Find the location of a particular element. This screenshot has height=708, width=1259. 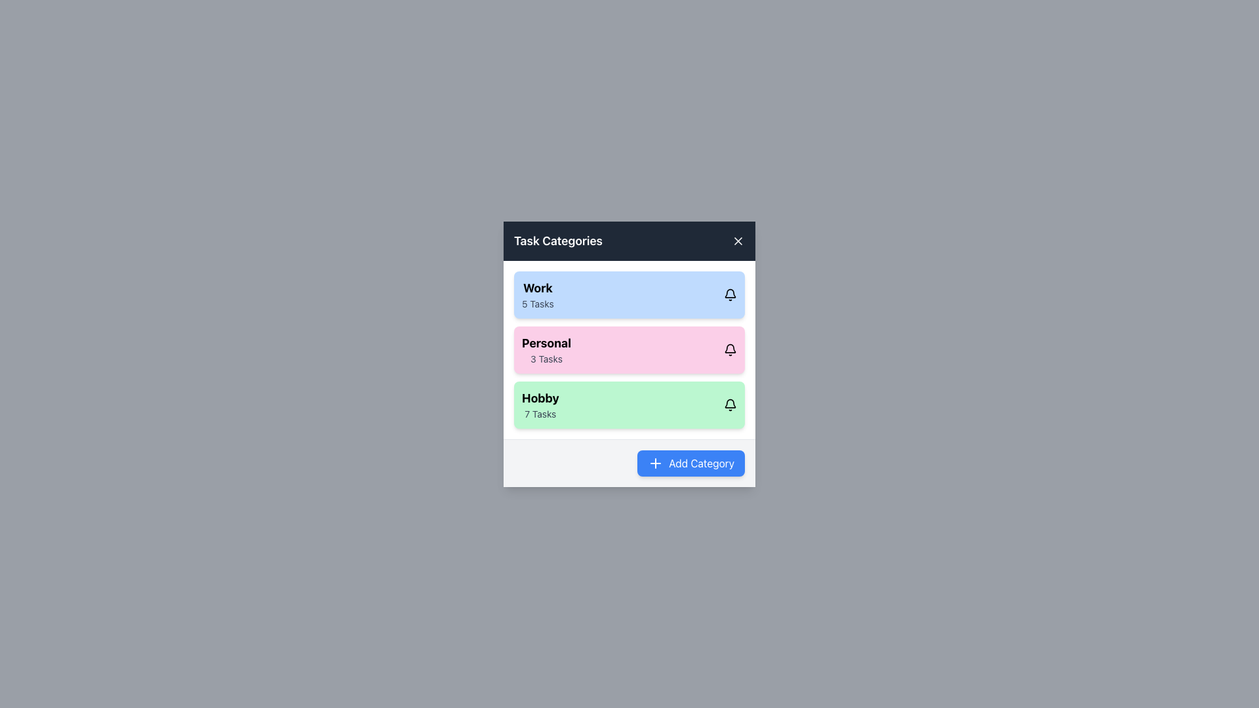

text label that describes the number of tasks associated with the 'Work' category, positioned below the 'Work' text in the light blue section labeled as 'Work' is located at coordinates (538, 304).